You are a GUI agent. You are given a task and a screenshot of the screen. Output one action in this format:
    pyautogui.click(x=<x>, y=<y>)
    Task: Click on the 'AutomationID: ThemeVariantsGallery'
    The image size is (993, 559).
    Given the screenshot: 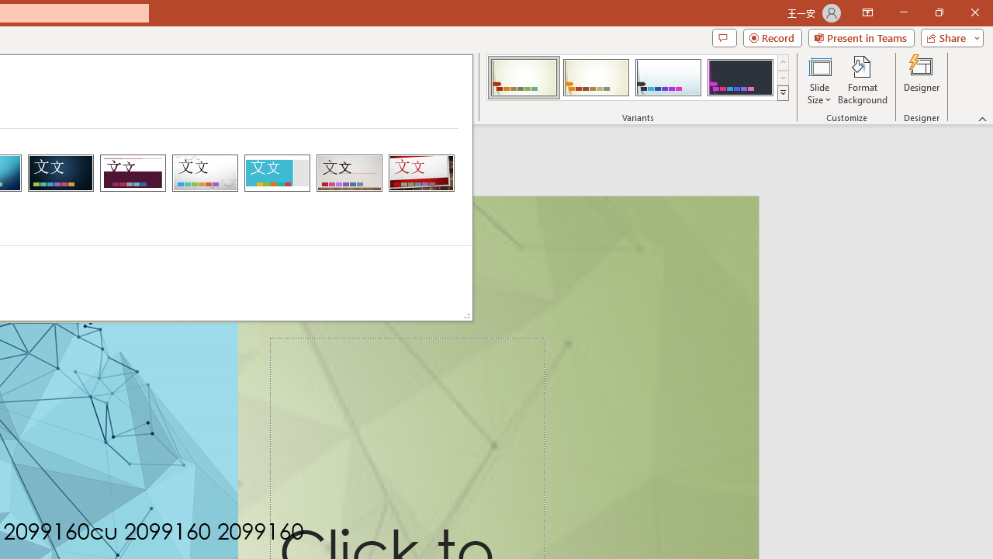 What is the action you would take?
    pyautogui.click(x=638, y=78)
    